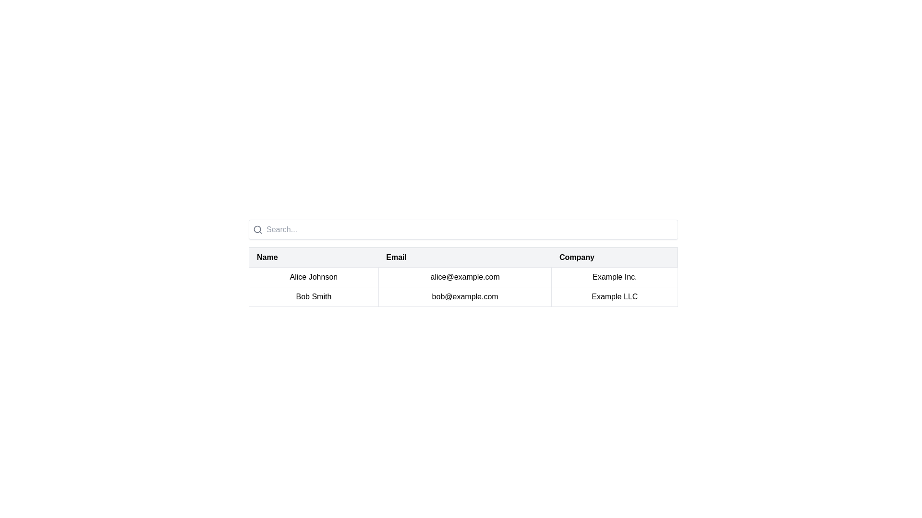  Describe the element at coordinates (314, 296) in the screenshot. I see `the table cell containing the text 'Bob Smith' located in the first column under the header 'Name', which is in the second row of the table` at that location.